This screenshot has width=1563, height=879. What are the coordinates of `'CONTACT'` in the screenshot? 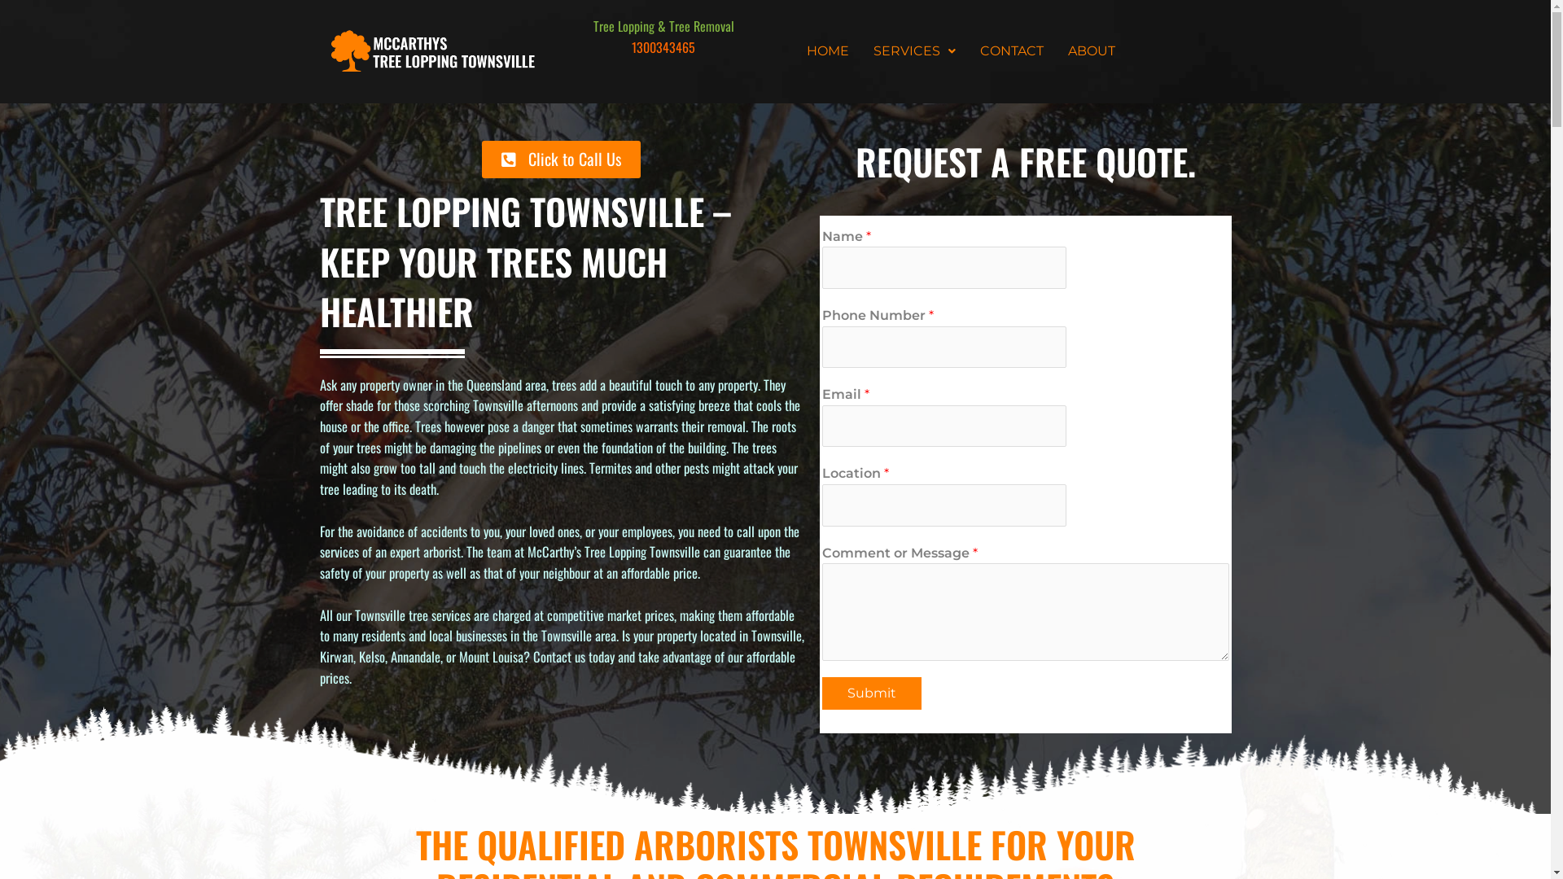 It's located at (1011, 50).